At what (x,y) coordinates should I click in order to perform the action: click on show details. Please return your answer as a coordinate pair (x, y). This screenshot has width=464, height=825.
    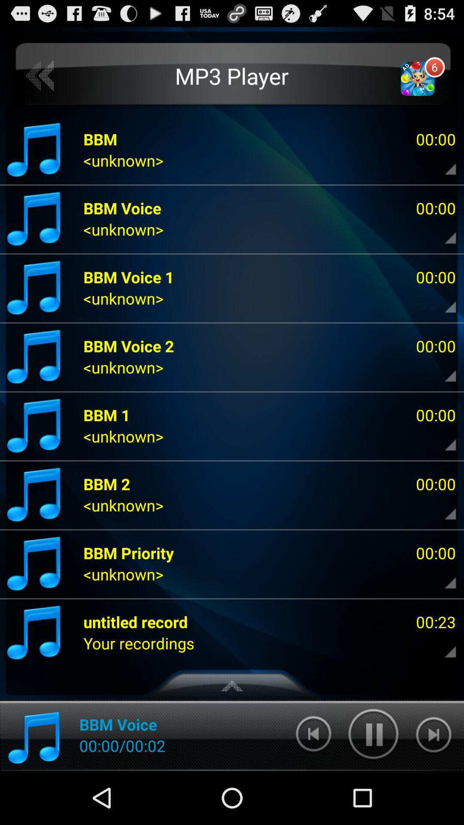
    Looking at the image, I should click on (443, 370).